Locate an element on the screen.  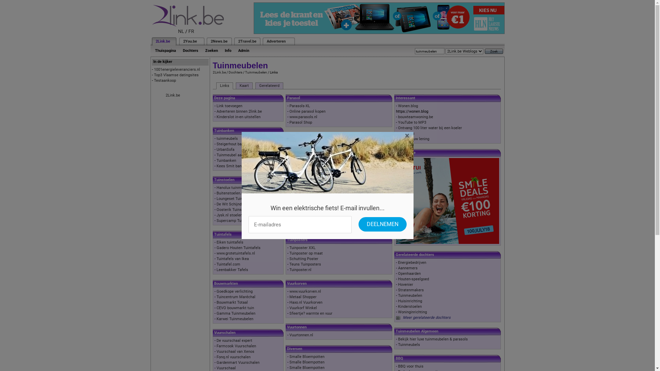
'Zoeken' is located at coordinates (211, 50).